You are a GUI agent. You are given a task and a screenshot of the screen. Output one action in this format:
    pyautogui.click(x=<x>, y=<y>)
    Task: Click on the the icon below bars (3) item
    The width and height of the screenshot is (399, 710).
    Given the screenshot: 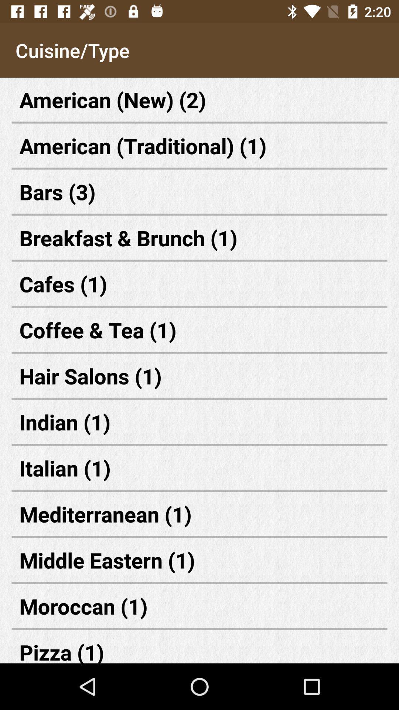 What is the action you would take?
    pyautogui.click(x=199, y=238)
    